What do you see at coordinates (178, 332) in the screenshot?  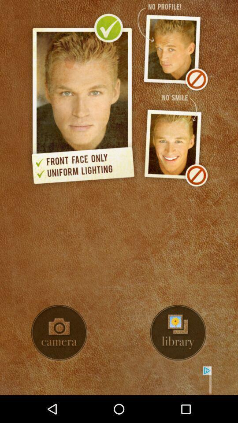 I see `open the photo library` at bounding box center [178, 332].